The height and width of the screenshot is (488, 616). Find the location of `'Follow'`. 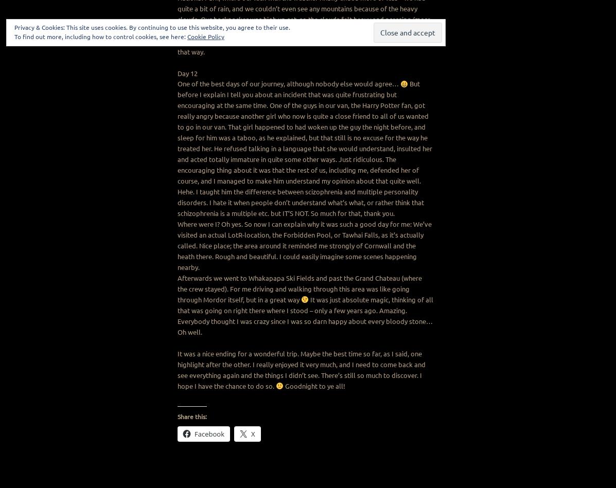

'Follow' is located at coordinates (409, 38).